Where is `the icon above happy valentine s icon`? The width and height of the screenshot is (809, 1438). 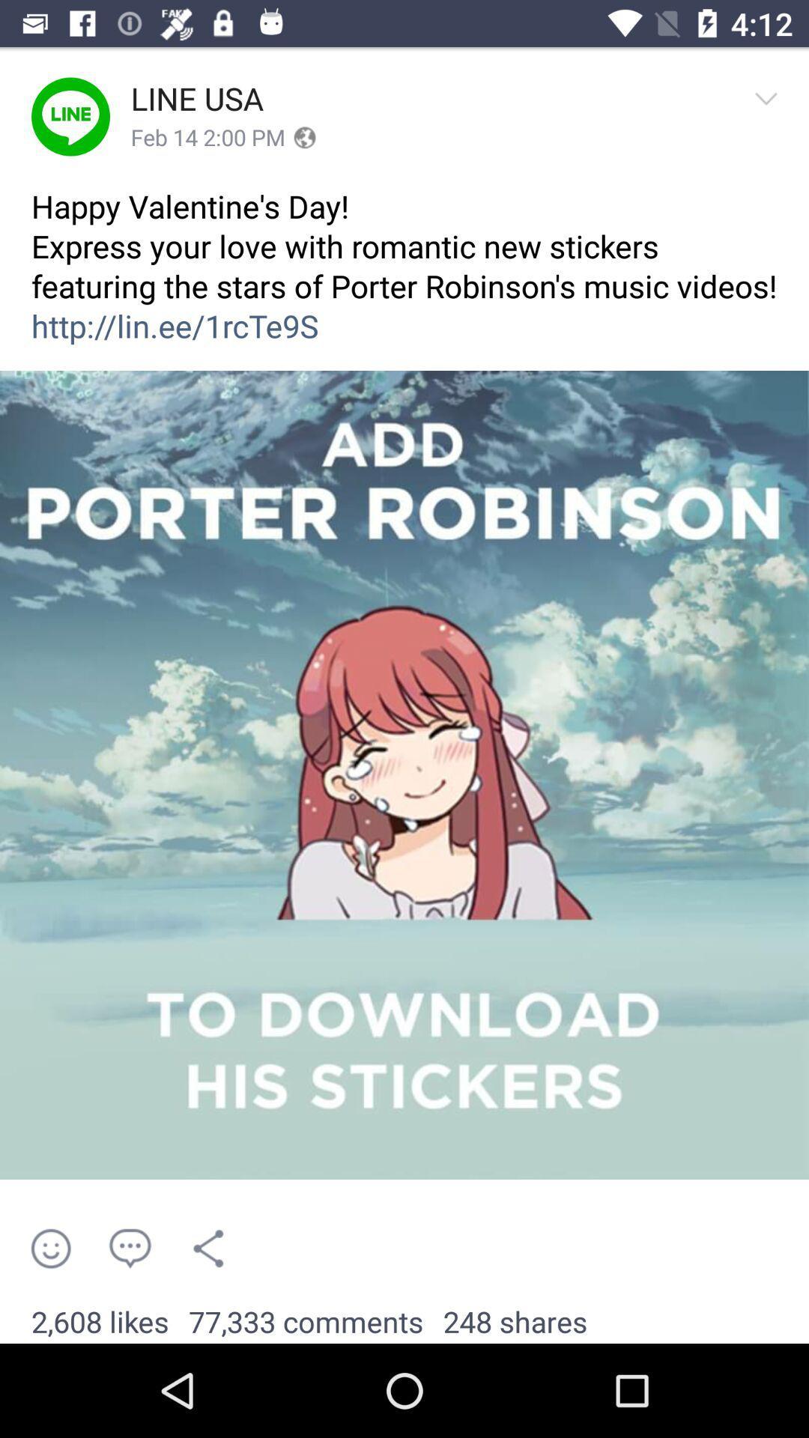 the icon above happy valentine s icon is located at coordinates (207, 138).